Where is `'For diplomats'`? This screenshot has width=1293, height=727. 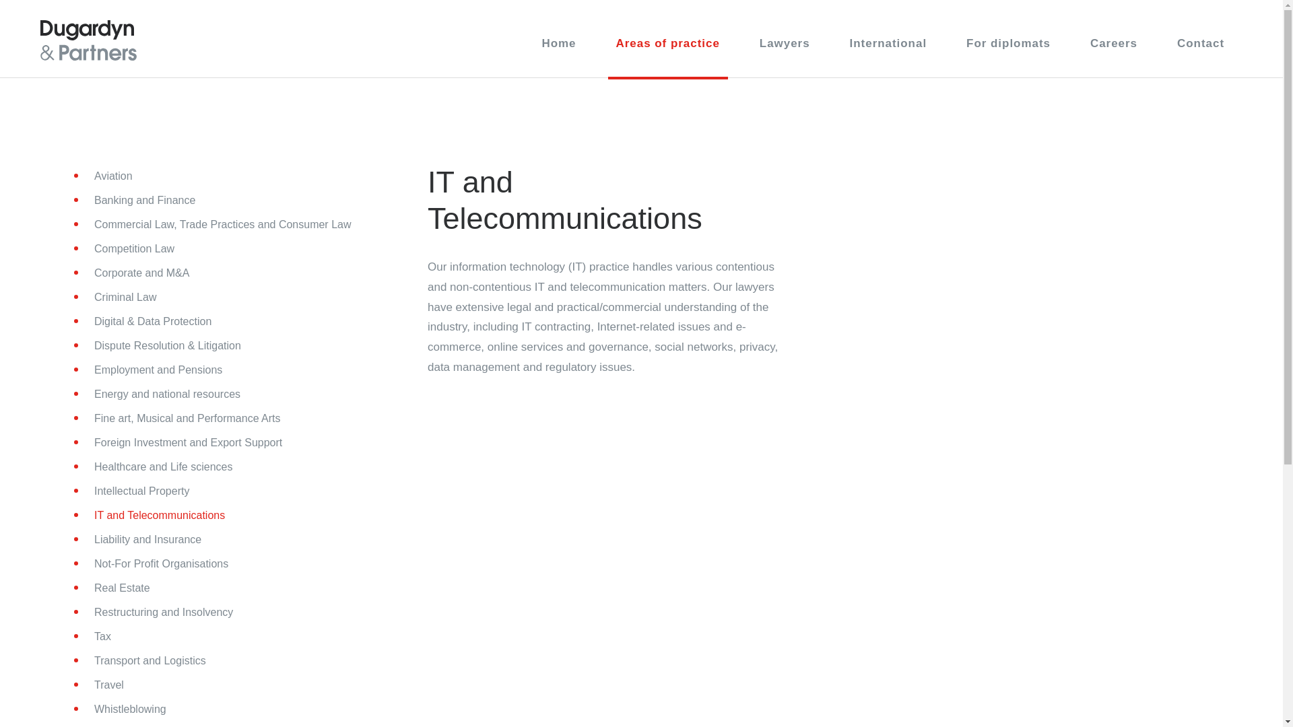
'For diplomats' is located at coordinates (1008, 48).